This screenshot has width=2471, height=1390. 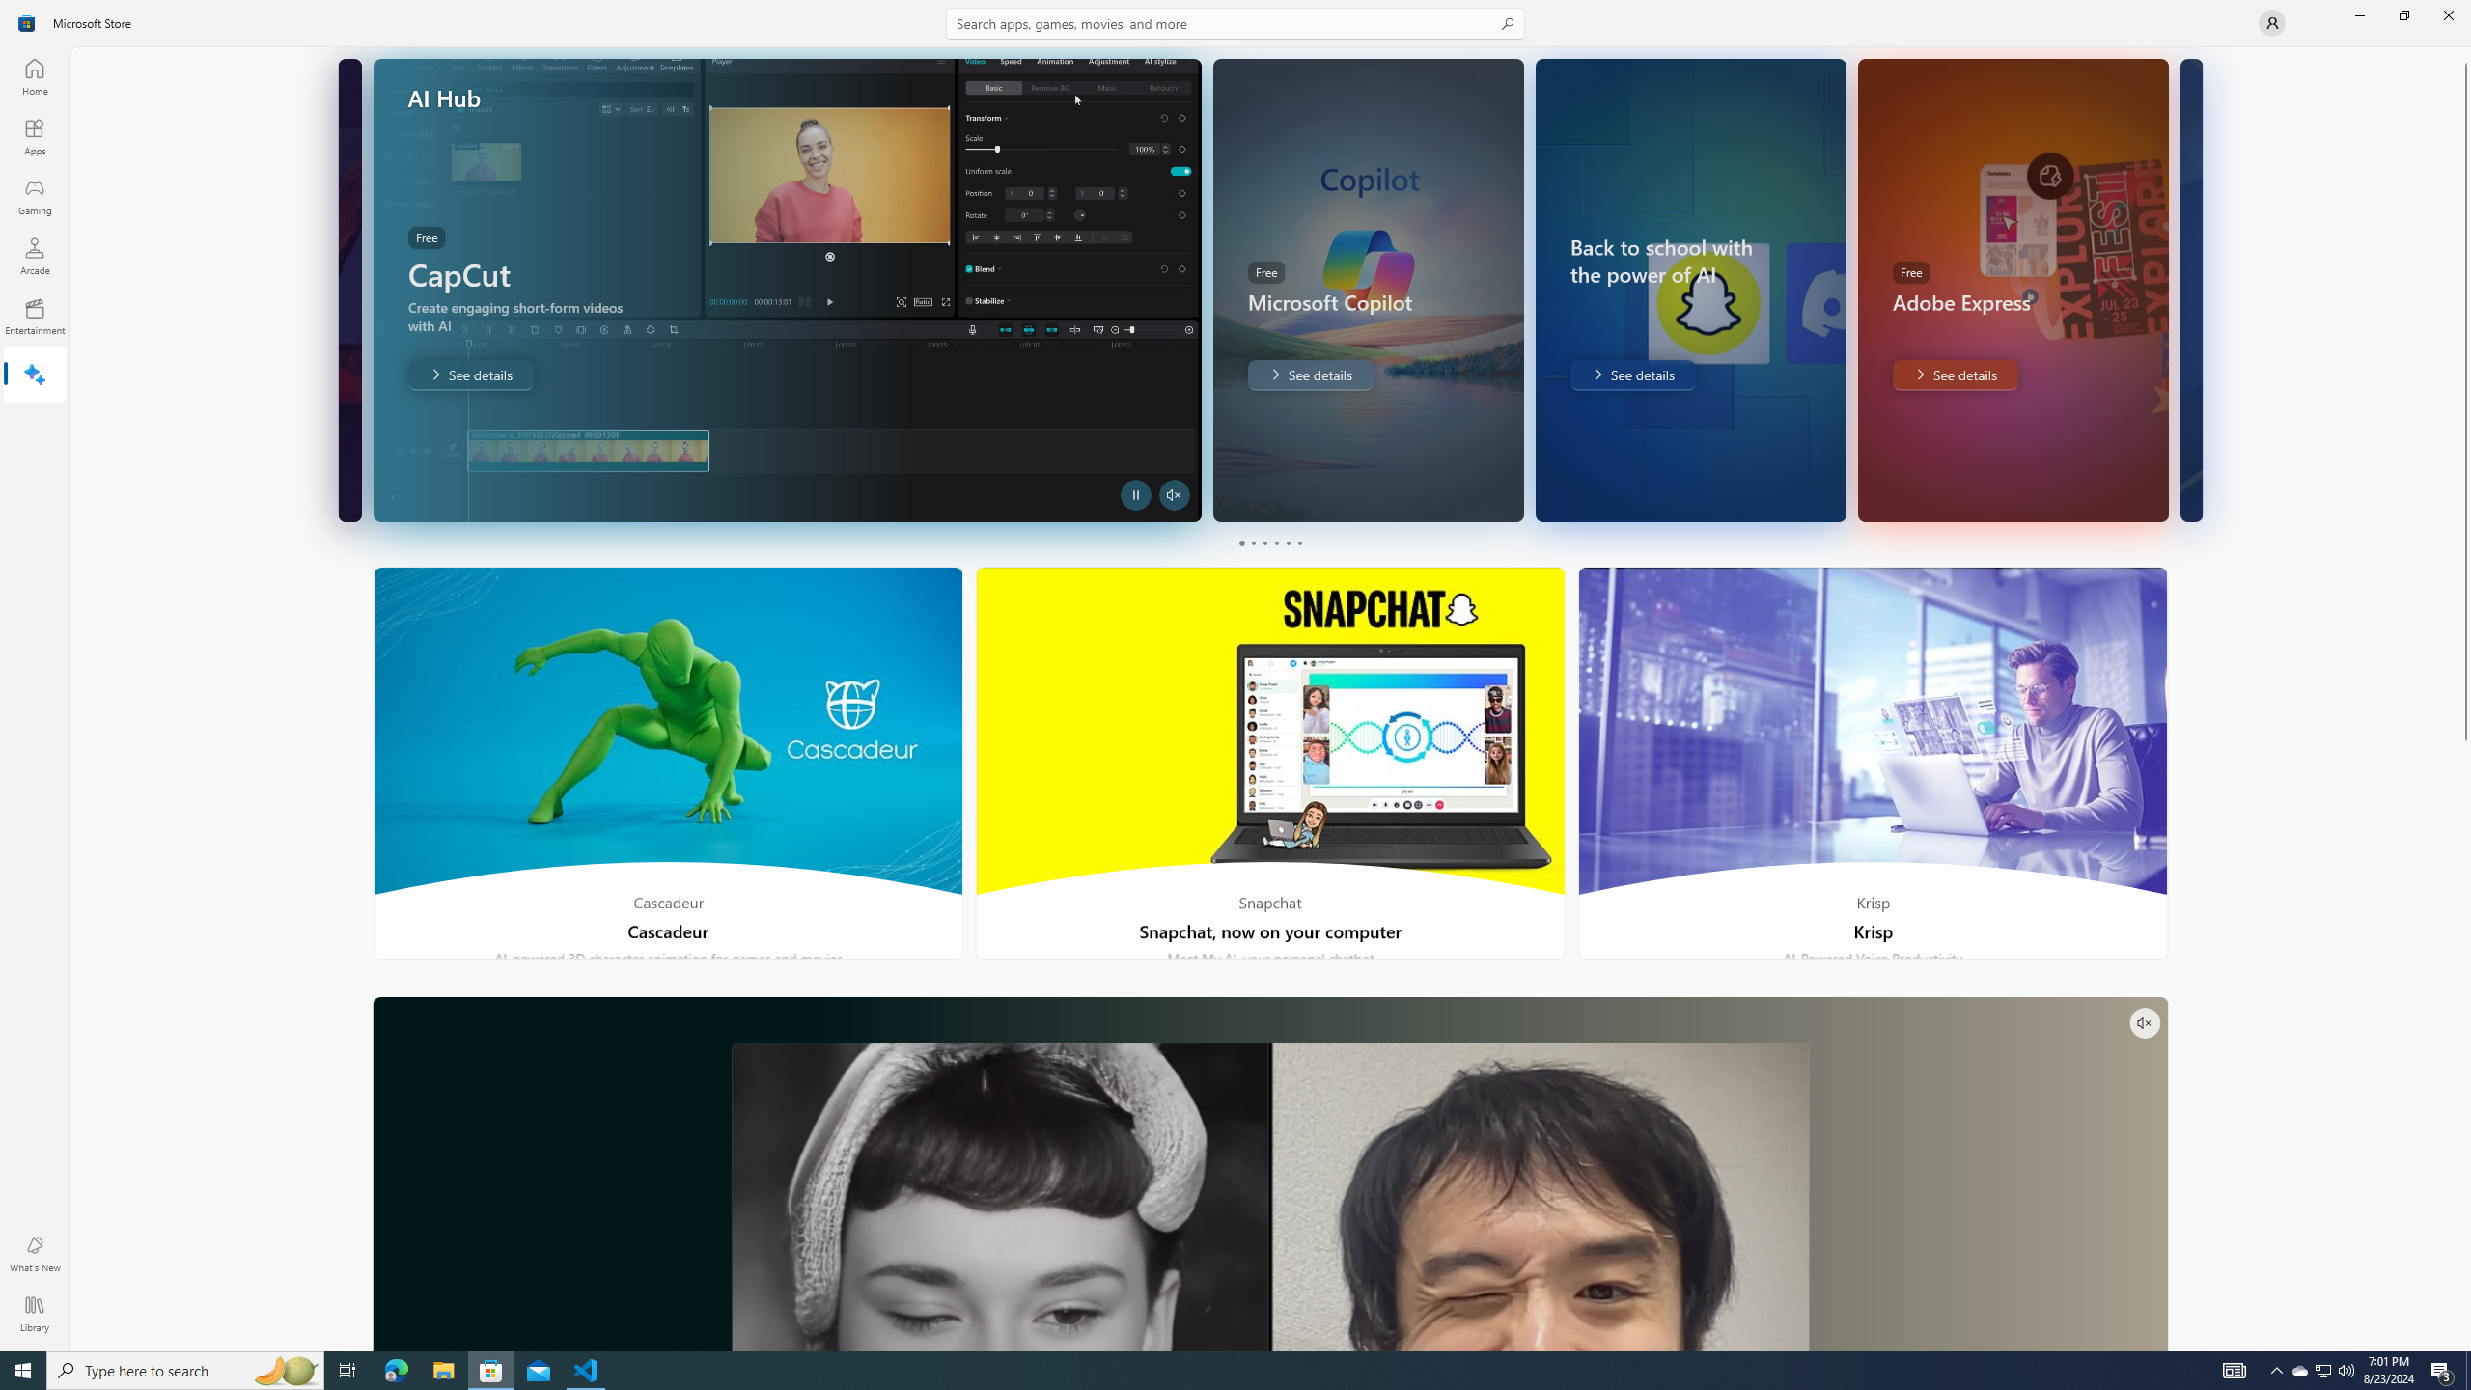 I want to click on 'Vertical Small Decrease', so click(x=2463, y=53).